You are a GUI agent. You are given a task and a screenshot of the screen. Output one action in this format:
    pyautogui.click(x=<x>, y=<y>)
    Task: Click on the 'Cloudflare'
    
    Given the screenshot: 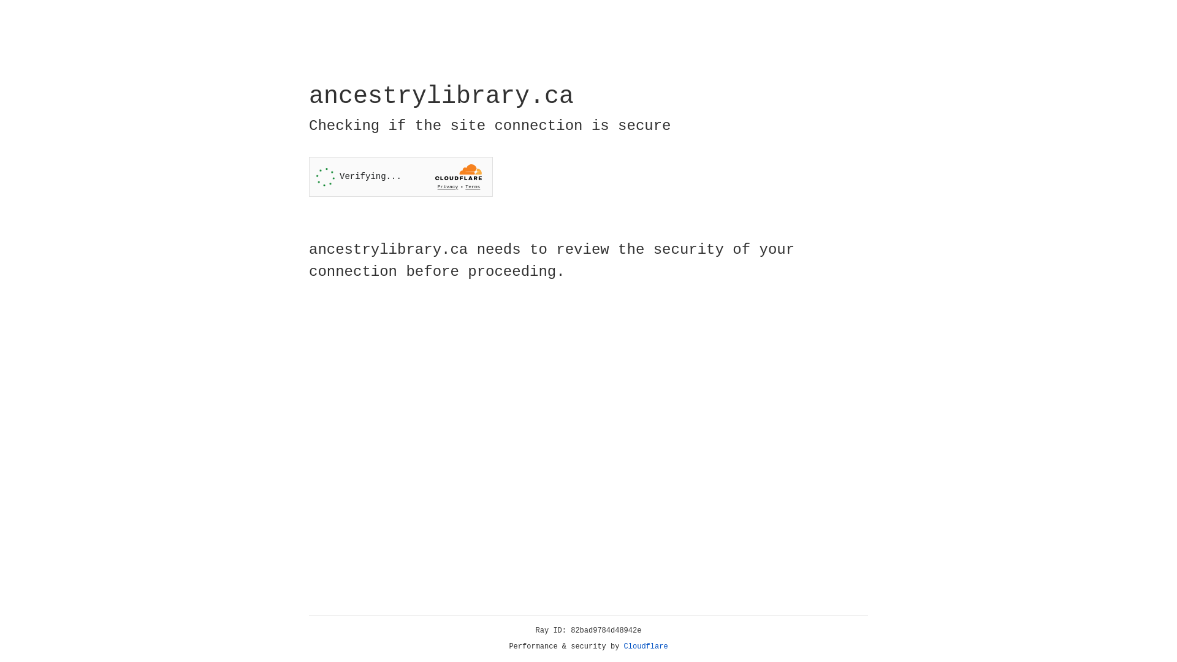 What is the action you would take?
    pyautogui.click(x=646, y=646)
    